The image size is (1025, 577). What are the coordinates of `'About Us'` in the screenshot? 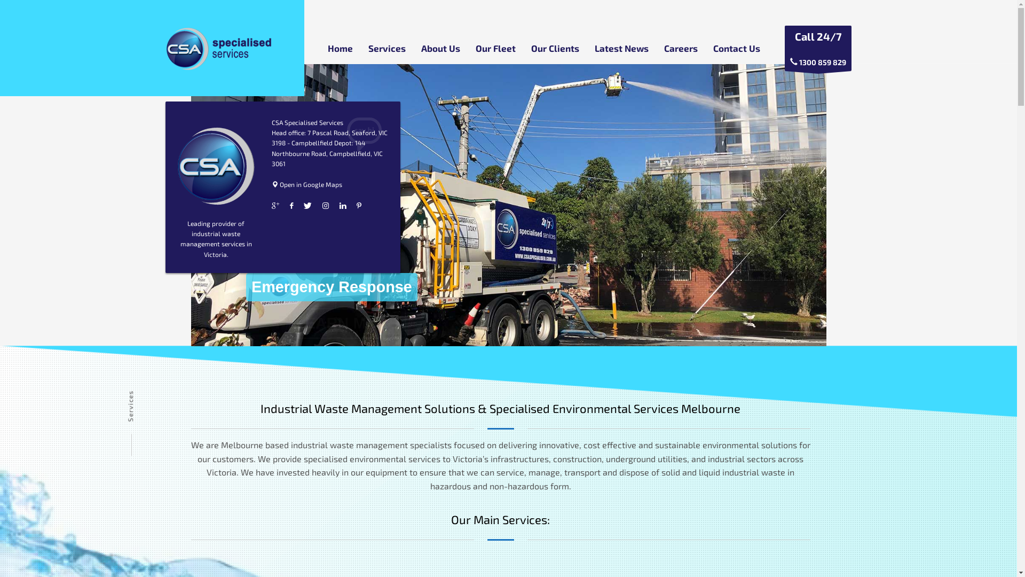 It's located at (440, 47).